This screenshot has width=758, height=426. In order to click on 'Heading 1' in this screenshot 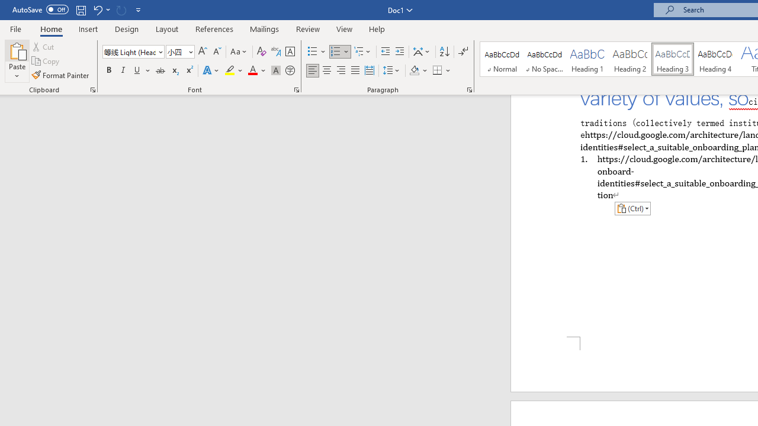, I will do `click(587, 59)`.